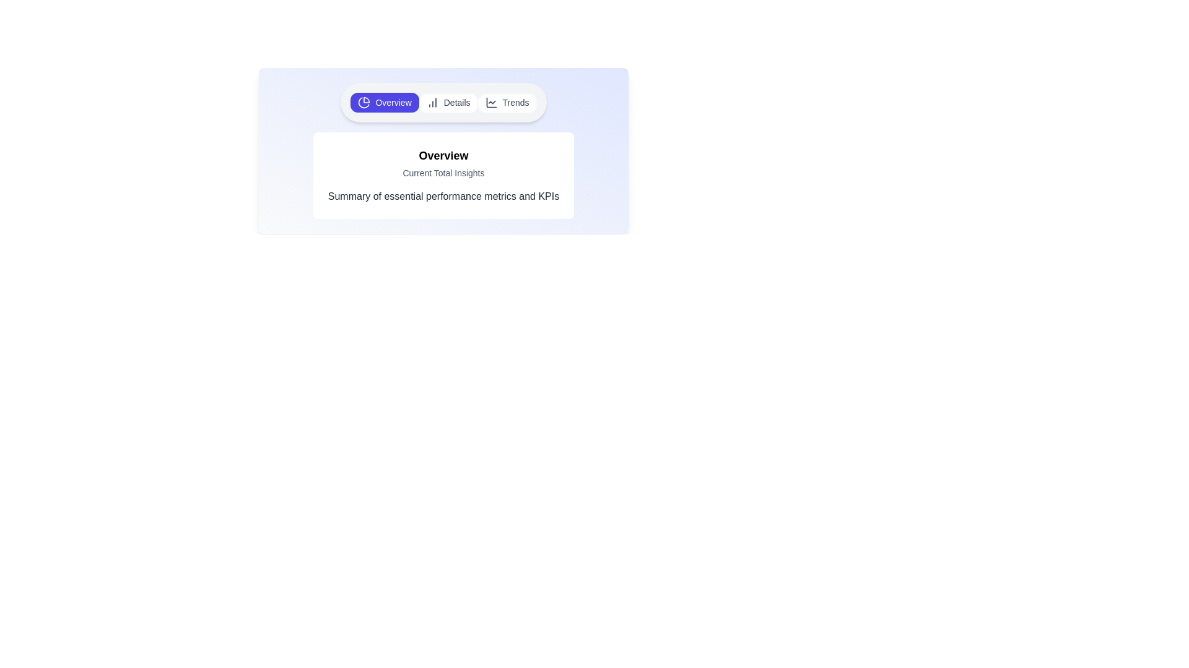  Describe the element at coordinates (448, 101) in the screenshot. I see `the tab corresponding to Details to bring it into focus` at that location.